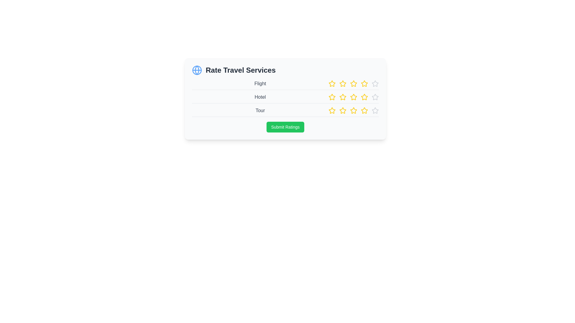 This screenshot has width=575, height=323. What do you see at coordinates (353, 110) in the screenshot?
I see `the fourth star in the 'Tour' category rating interface to provide feedback` at bounding box center [353, 110].